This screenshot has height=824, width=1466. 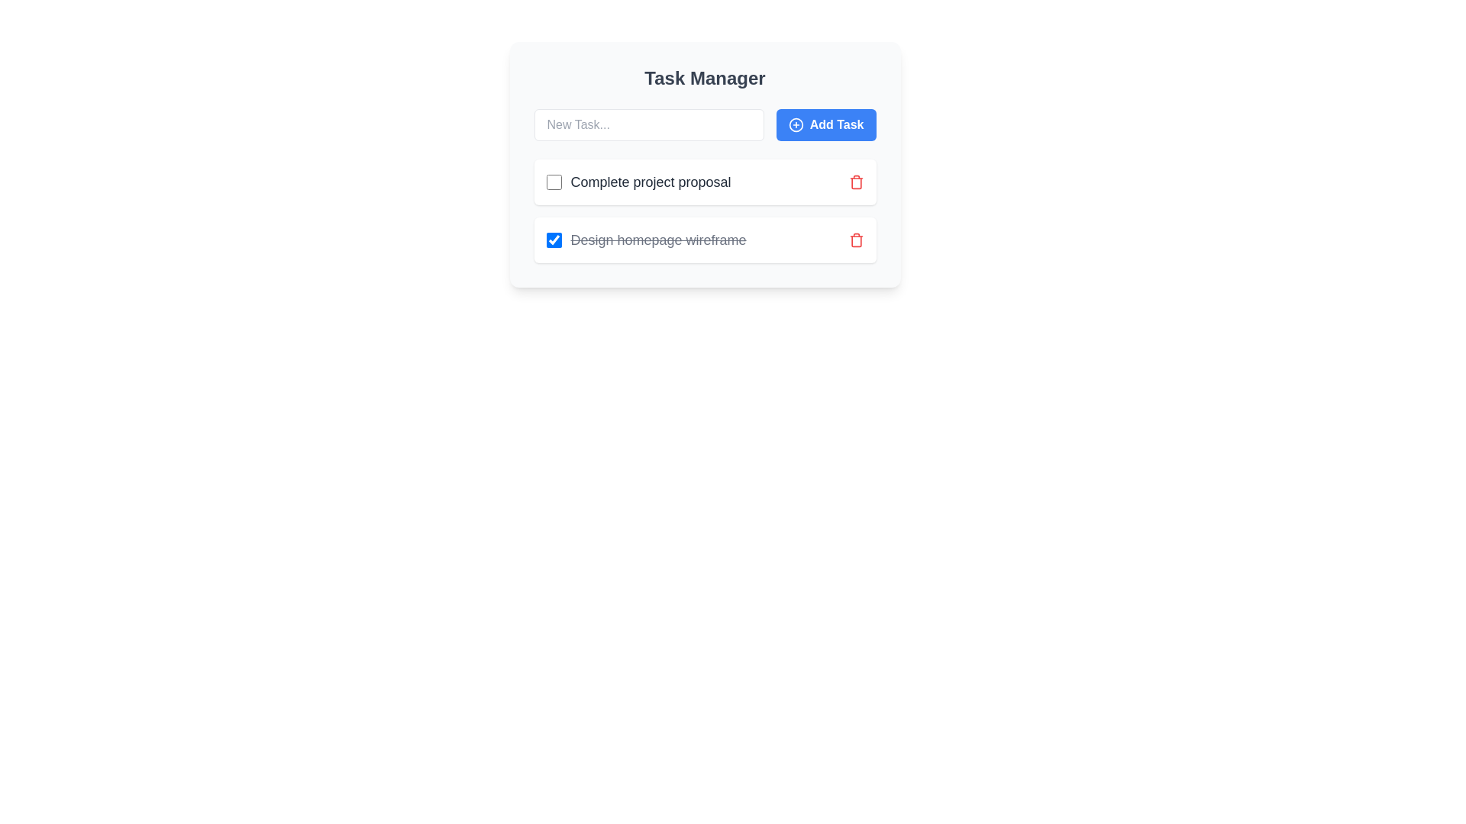 What do you see at coordinates (638, 182) in the screenshot?
I see `the task title Complete project proposal to interact with its text` at bounding box center [638, 182].